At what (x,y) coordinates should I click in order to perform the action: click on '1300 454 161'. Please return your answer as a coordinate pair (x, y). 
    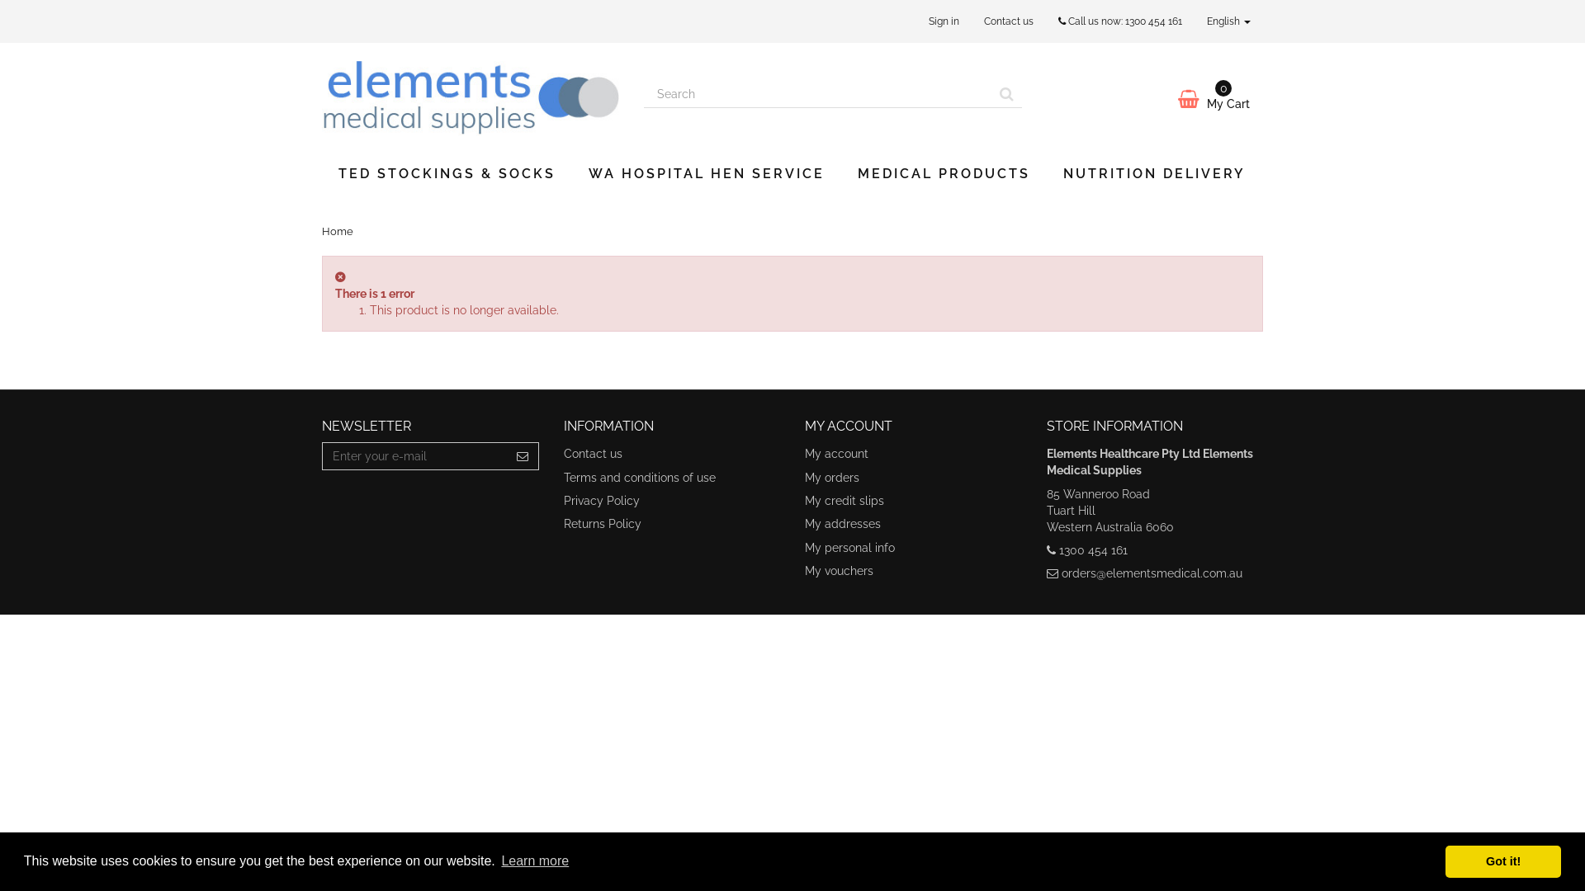
    Looking at the image, I should click on (1092, 550).